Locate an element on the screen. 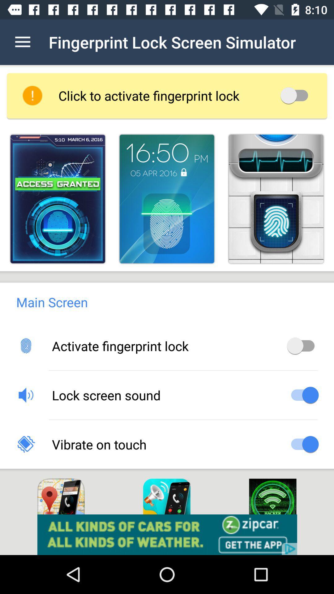  fingerprint is located at coordinates (276, 199).